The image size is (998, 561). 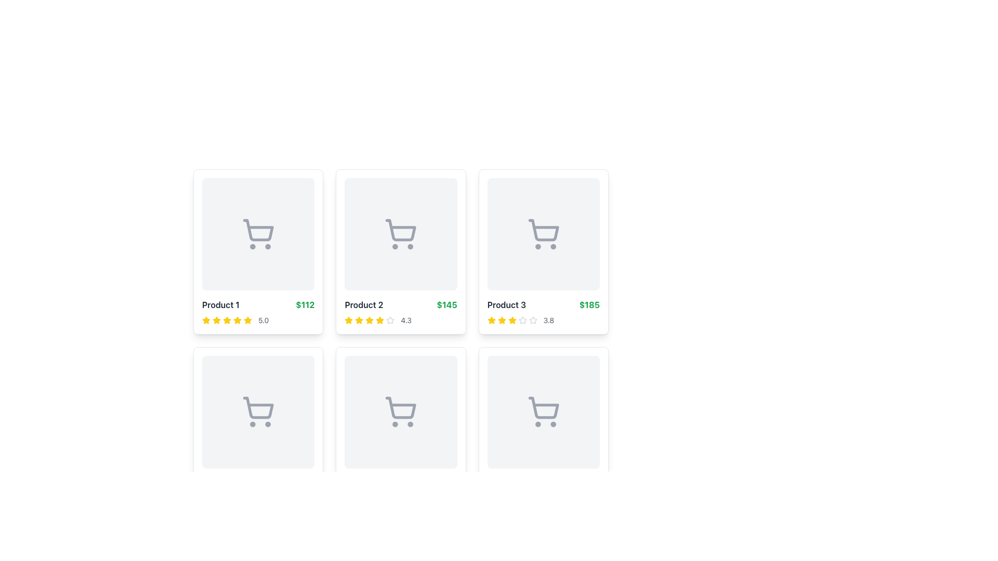 What do you see at coordinates (349, 320) in the screenshot?
I see `the first star icon, which is yellow and indicates a rating in a series of five stars under the 'Product 2' card` at bounding box center [349, 320].